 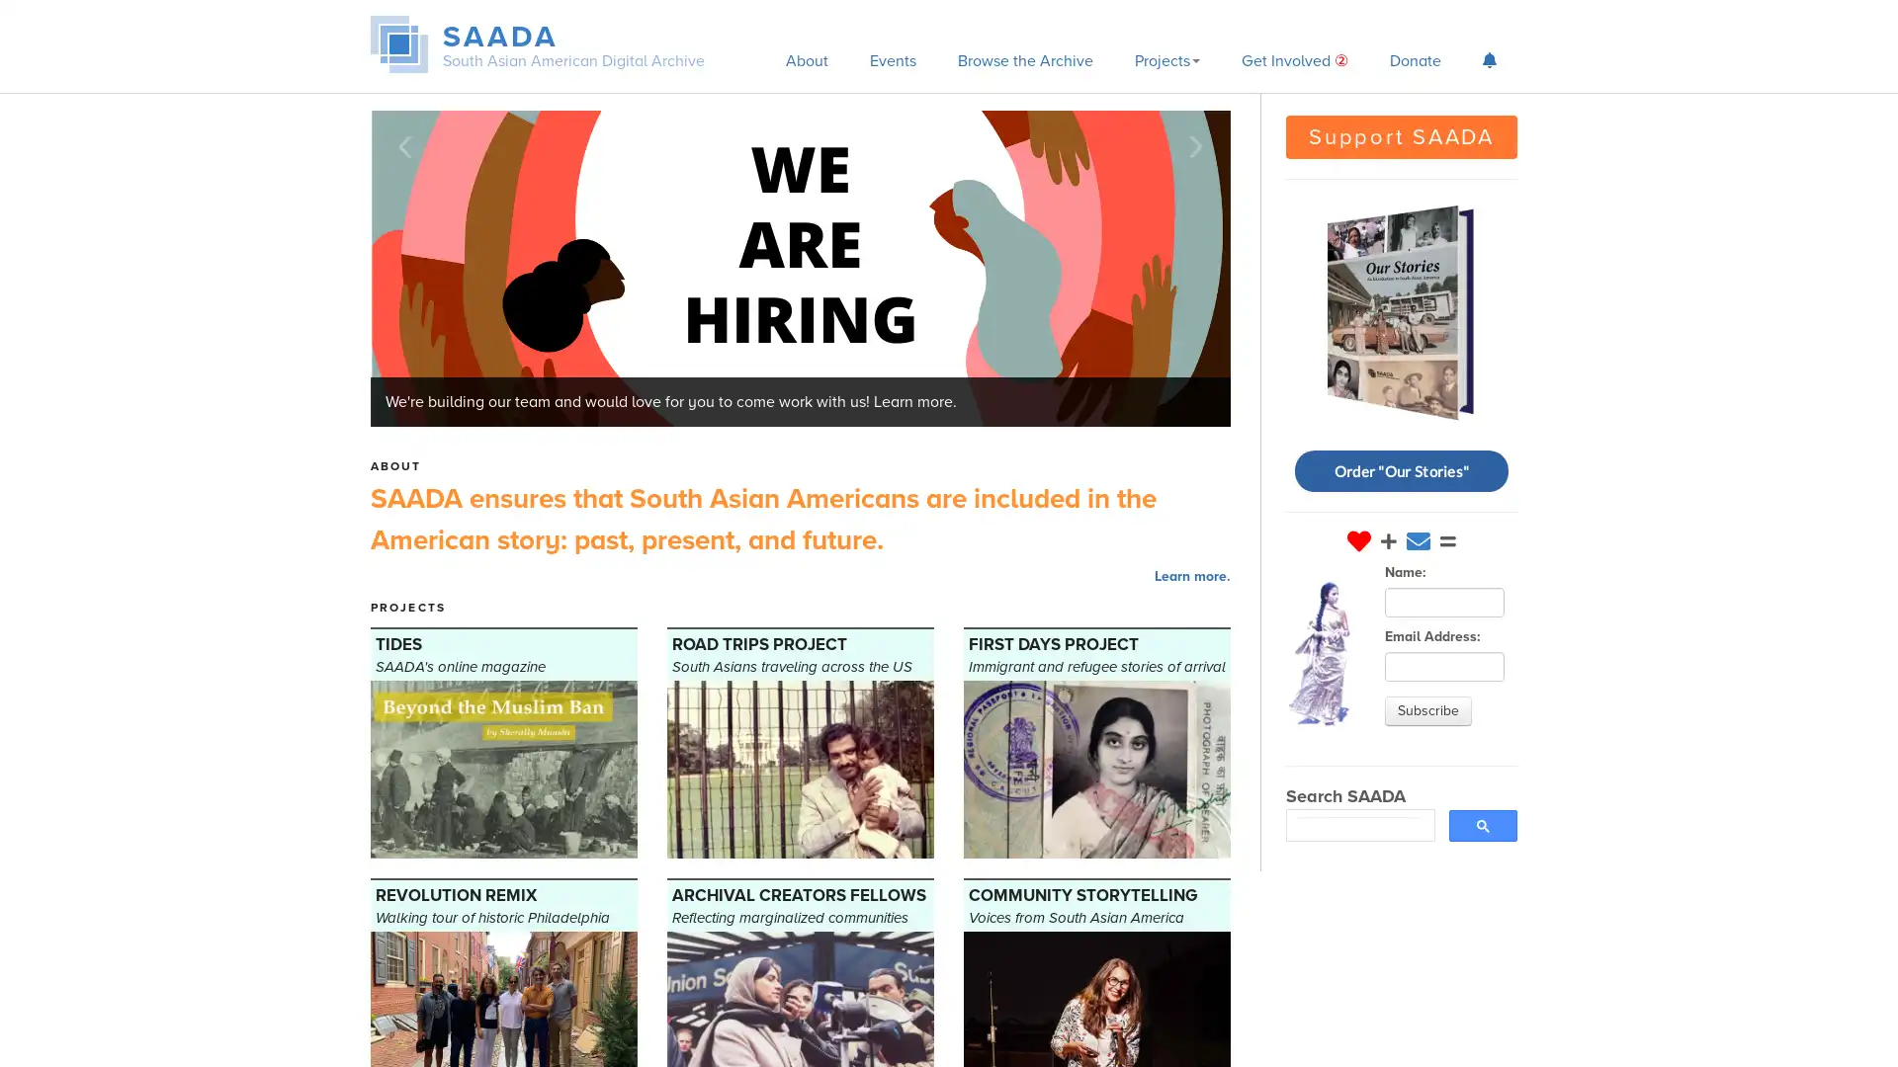 What do you see at coordinates (1483, 824) in the screenshot?
I see `search` at bounding box center [1483, 824].